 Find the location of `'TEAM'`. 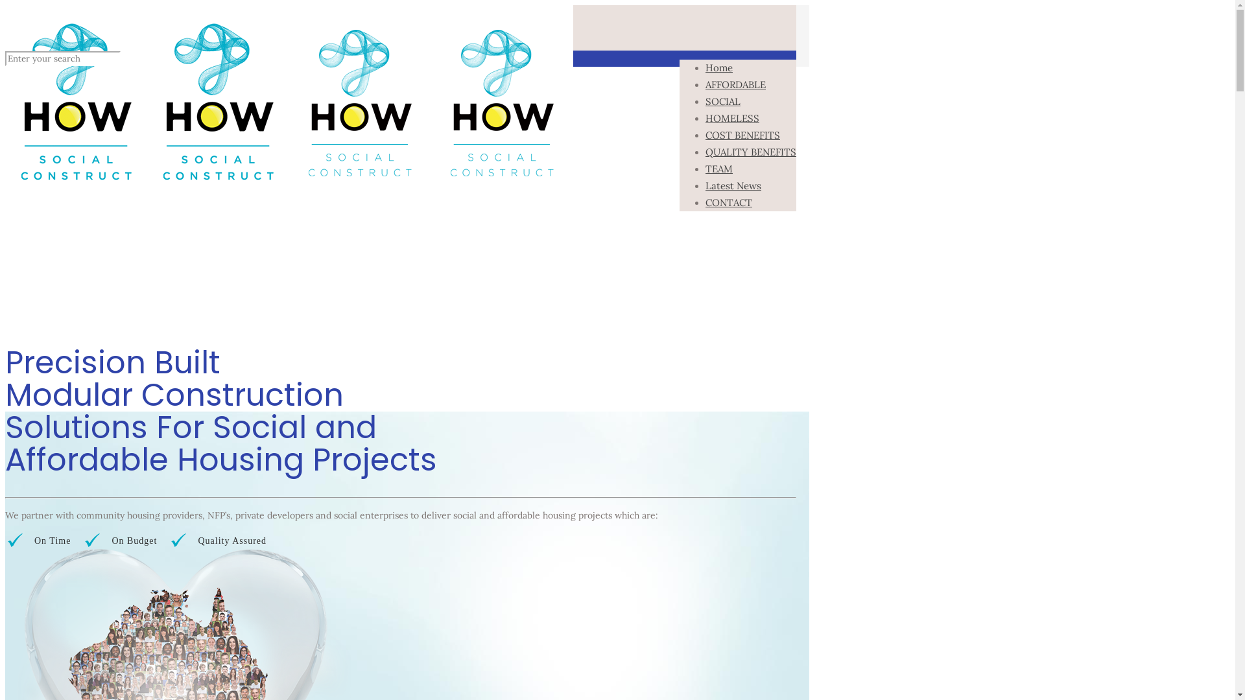

'TEAM' is located at coordinates (705, 168).